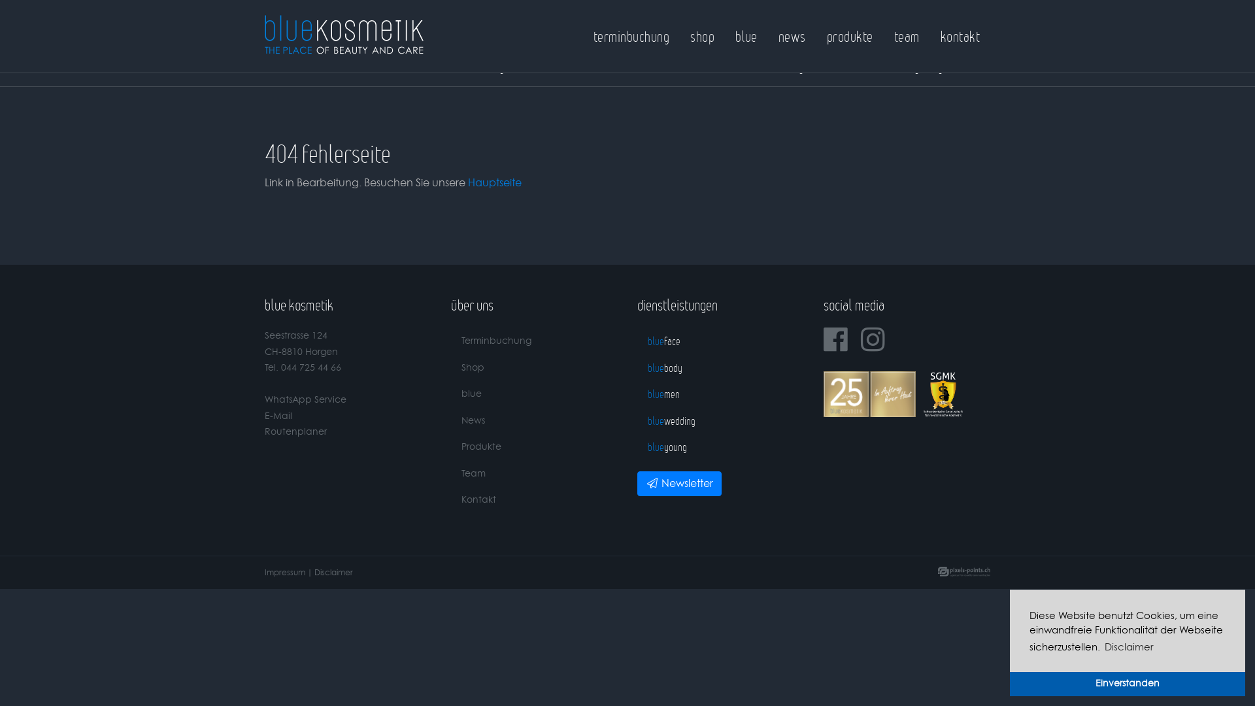 The image size is (1255, 706). What do you see at coordinates (263, 399) in the screenshot?
I see `'WhatsApp Service'` at bounding box center [263, 399].